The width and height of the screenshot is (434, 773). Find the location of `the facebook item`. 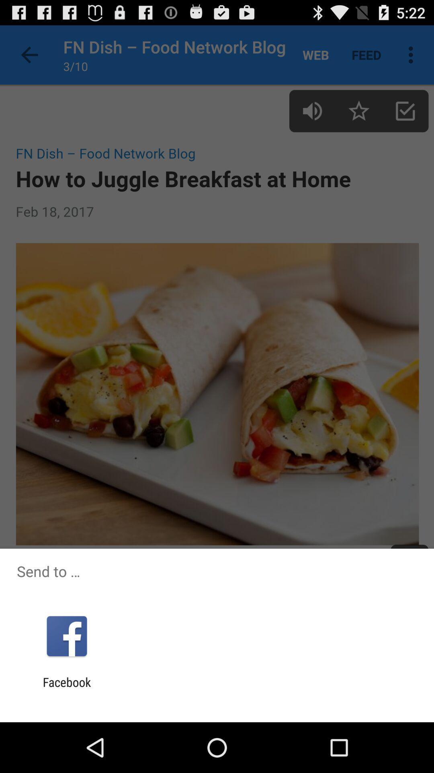

the facebook item is located at coordinates (66, 689).